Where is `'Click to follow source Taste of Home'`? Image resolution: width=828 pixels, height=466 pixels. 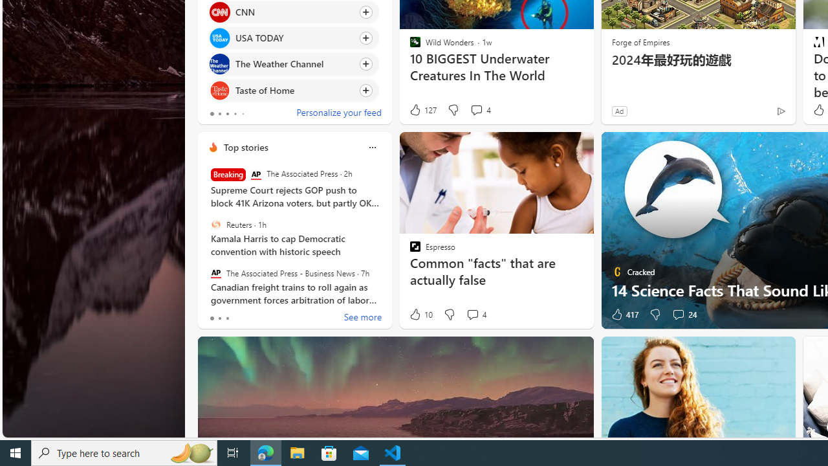 'Click to follow source Taste of Home' is located at coordinates (292, 89).